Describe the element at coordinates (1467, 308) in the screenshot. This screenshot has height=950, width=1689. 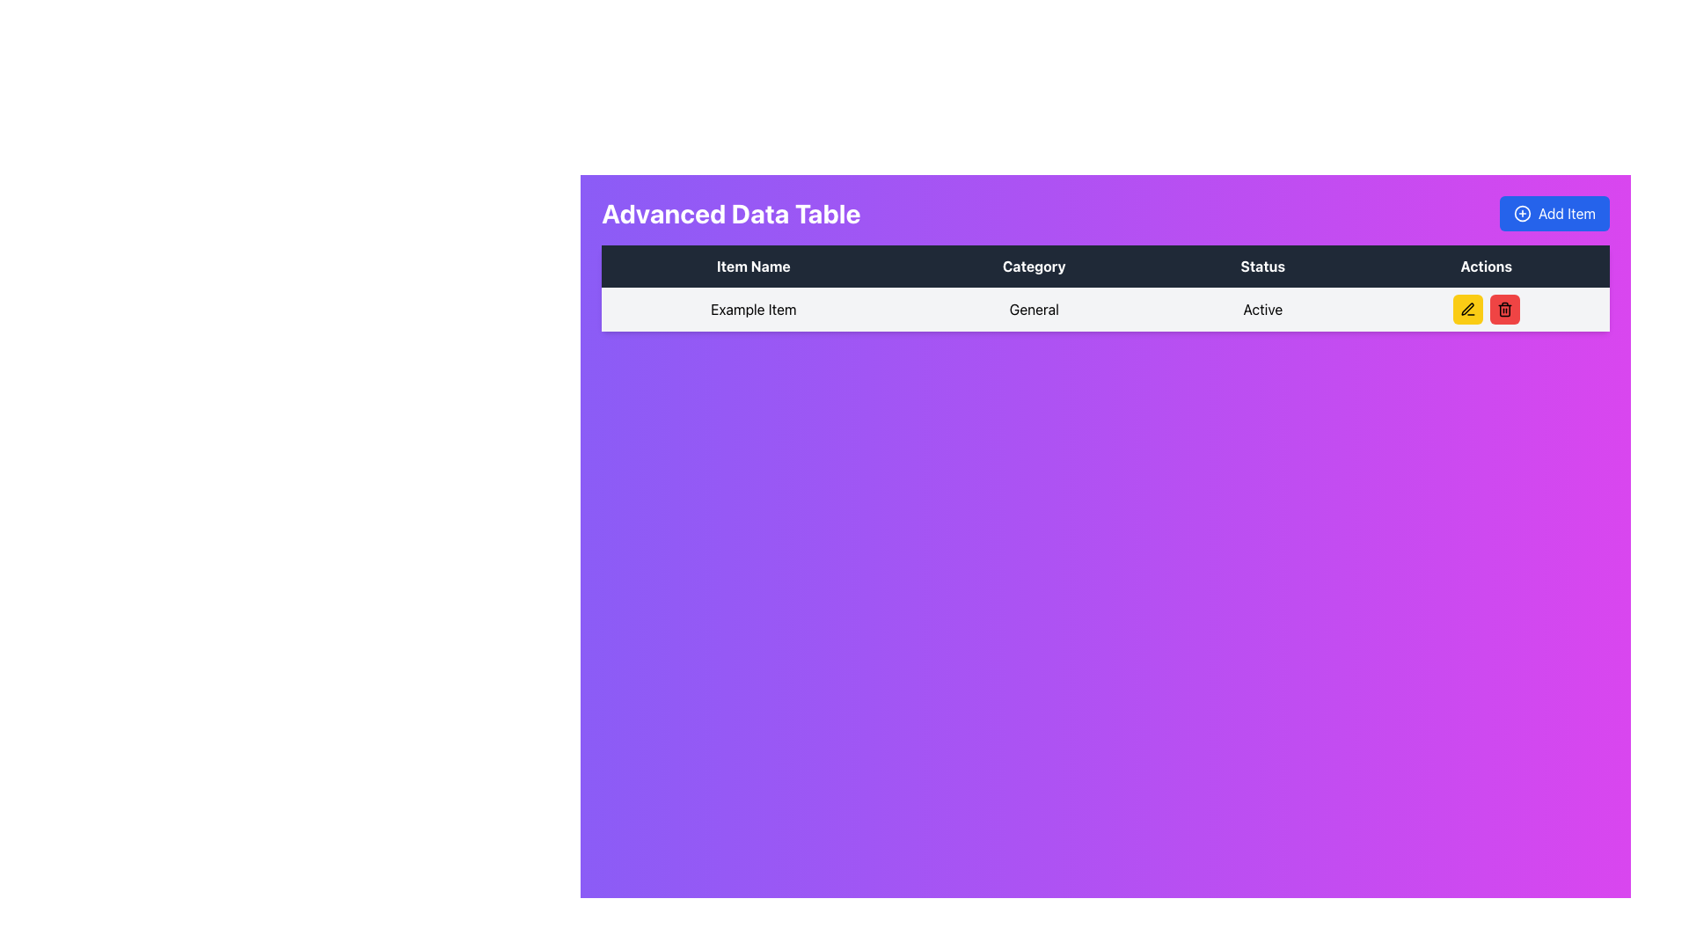
I see `the first button in the 'Actions' column of the data table` at that location.